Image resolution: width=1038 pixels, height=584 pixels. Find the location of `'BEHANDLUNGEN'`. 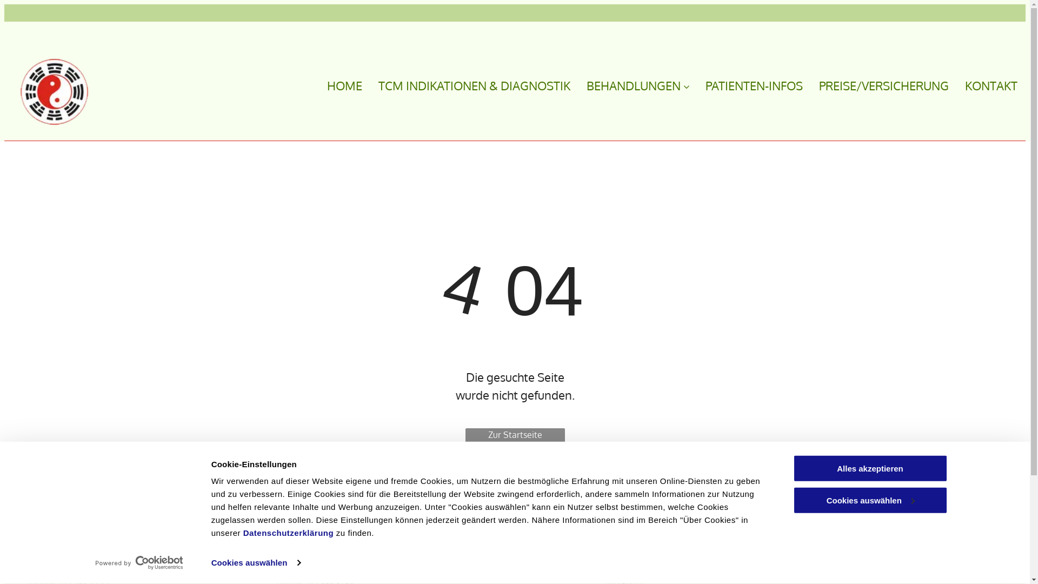

'BEHANDLUNGEN' is located at coordinates (630, 85).